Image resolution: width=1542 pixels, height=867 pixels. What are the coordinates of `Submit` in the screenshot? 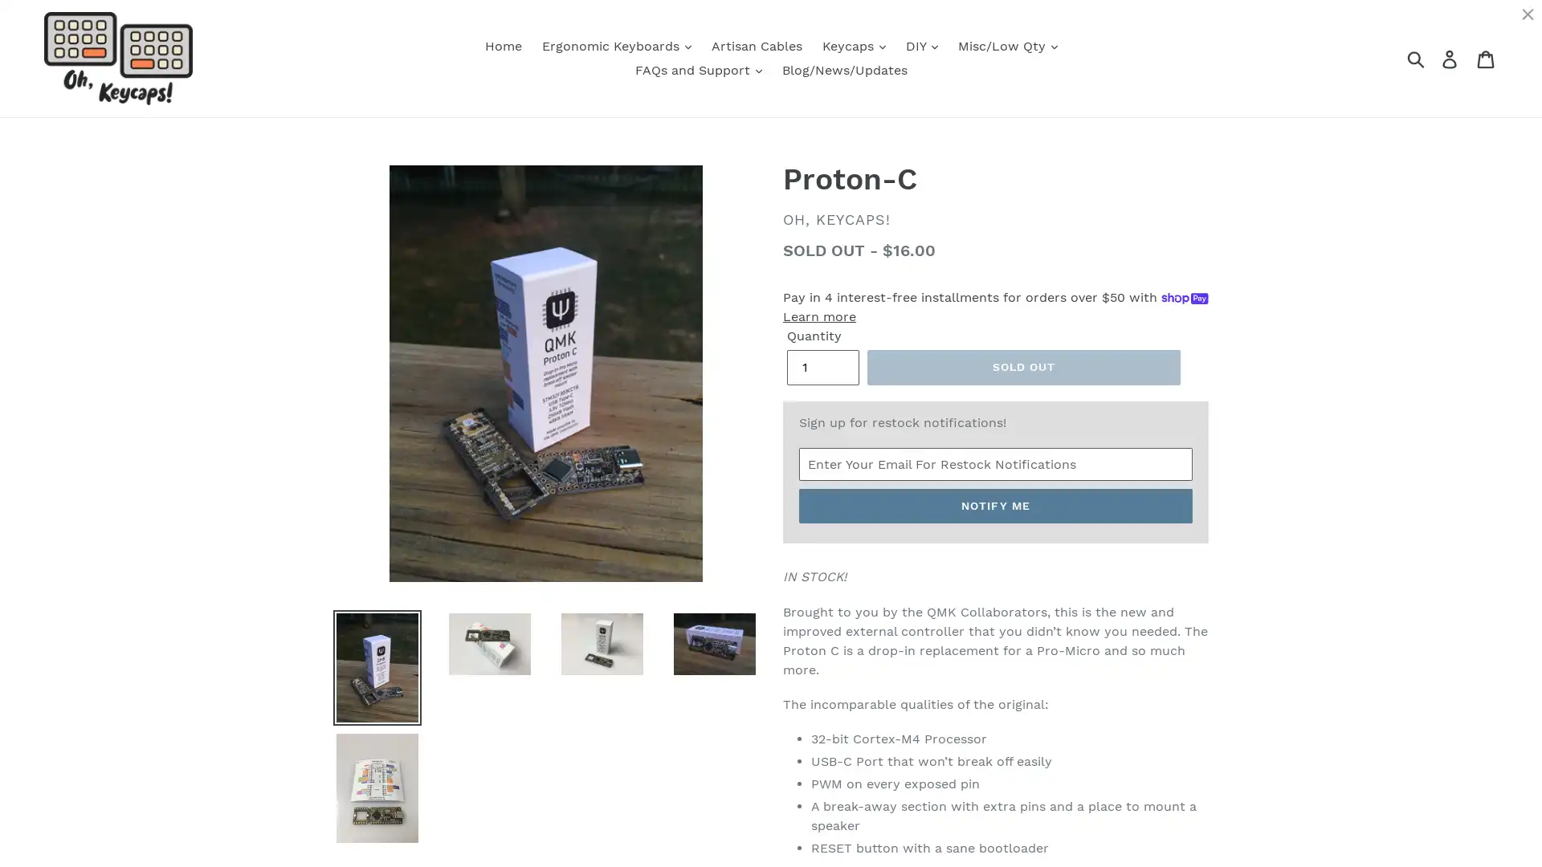 It's located at (1417, 58).